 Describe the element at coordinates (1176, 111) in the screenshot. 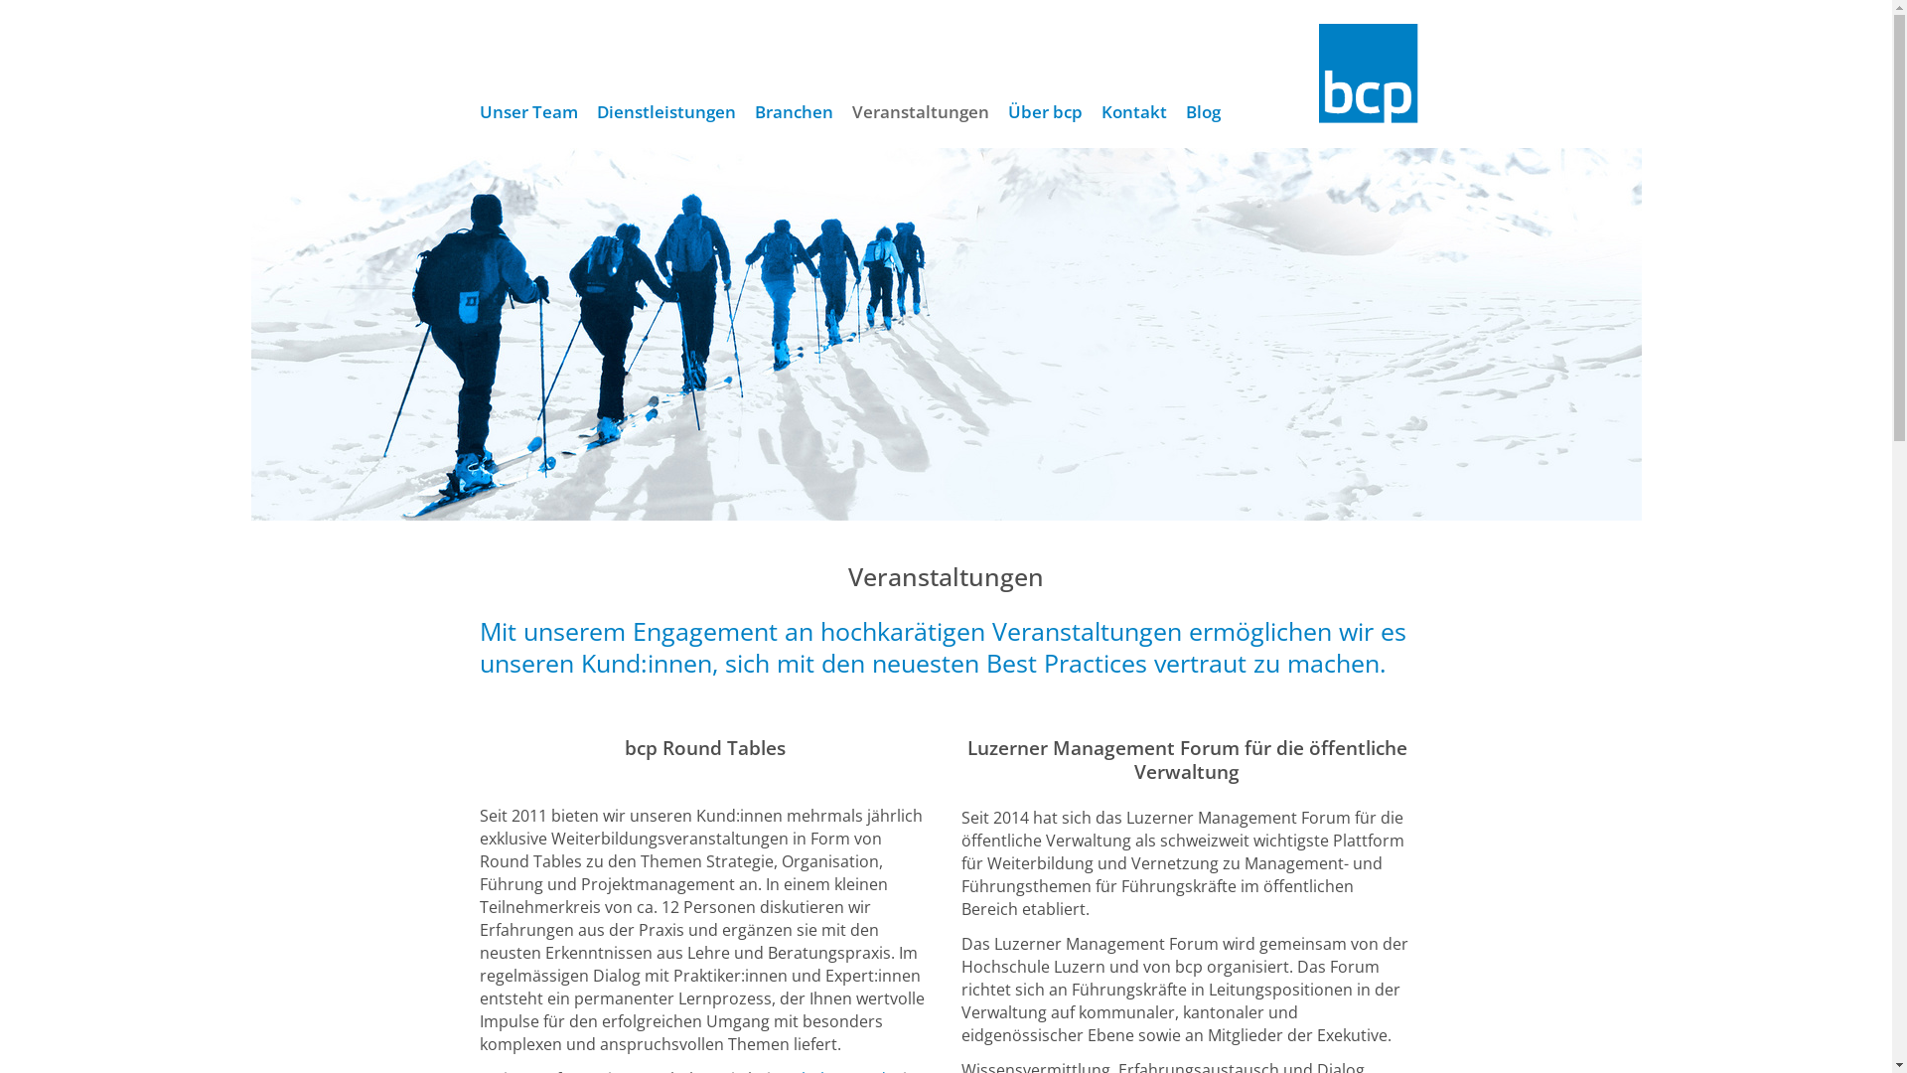

I see `'Blog'` at that location.